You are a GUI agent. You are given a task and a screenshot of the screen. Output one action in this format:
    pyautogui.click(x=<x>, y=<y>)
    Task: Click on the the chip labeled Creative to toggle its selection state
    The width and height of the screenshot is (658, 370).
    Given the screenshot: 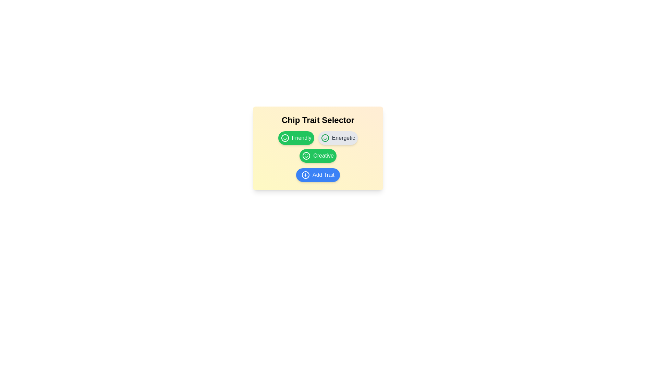 What is the action you would take?
    pyautogui.click(x=317, y=156)
    